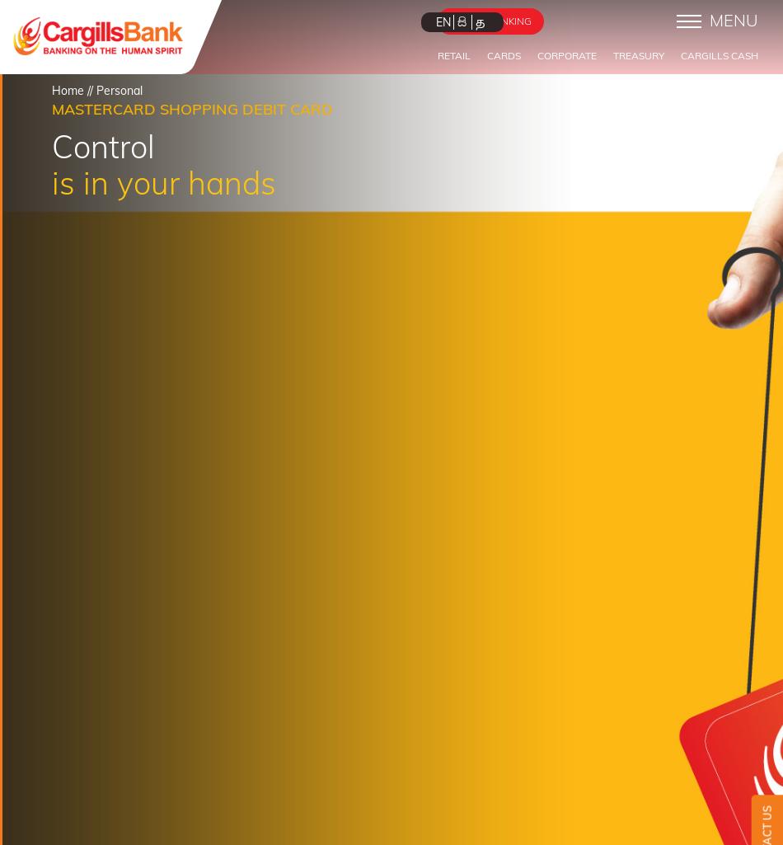  What do you see at coordinates (113, 90) in the screenshot?
I see `'//
	Personal'` at bounding box center [113, 90].